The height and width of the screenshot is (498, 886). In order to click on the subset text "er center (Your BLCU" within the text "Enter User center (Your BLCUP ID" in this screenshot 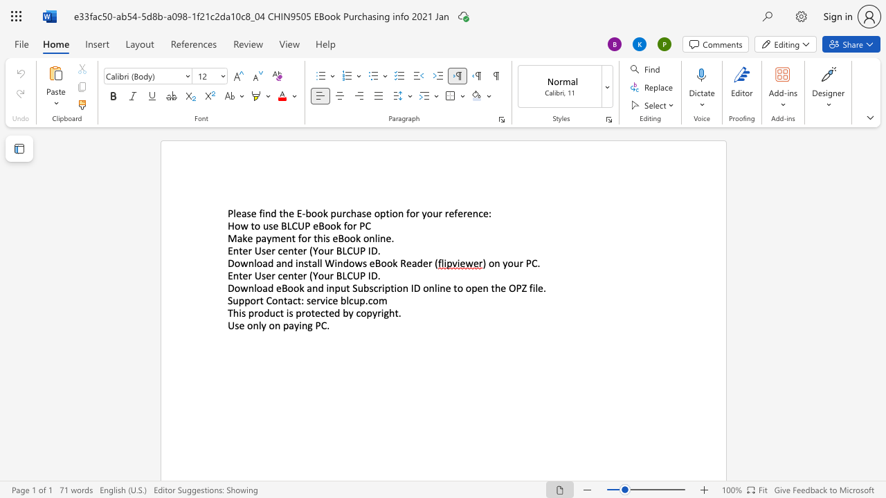, I will do `click(266, 275)`.